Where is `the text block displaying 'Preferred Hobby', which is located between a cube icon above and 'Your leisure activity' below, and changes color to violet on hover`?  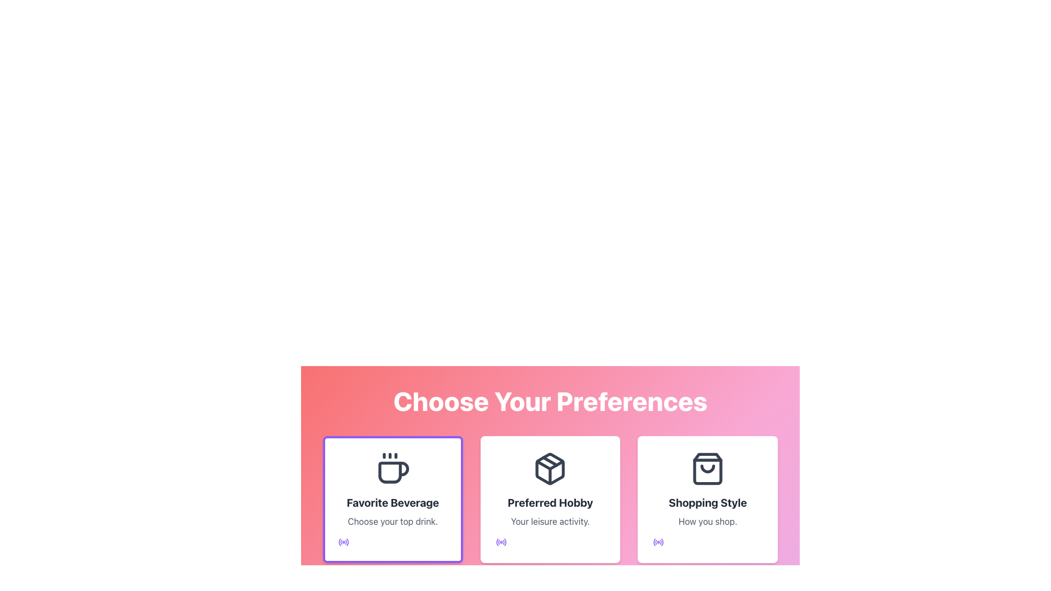
the text block displaying 'Preferred Hobby', which is located between a cube icon above and 'Your leisure activity' below, and changes color to violet on hover is located at coordinates (550, 502).